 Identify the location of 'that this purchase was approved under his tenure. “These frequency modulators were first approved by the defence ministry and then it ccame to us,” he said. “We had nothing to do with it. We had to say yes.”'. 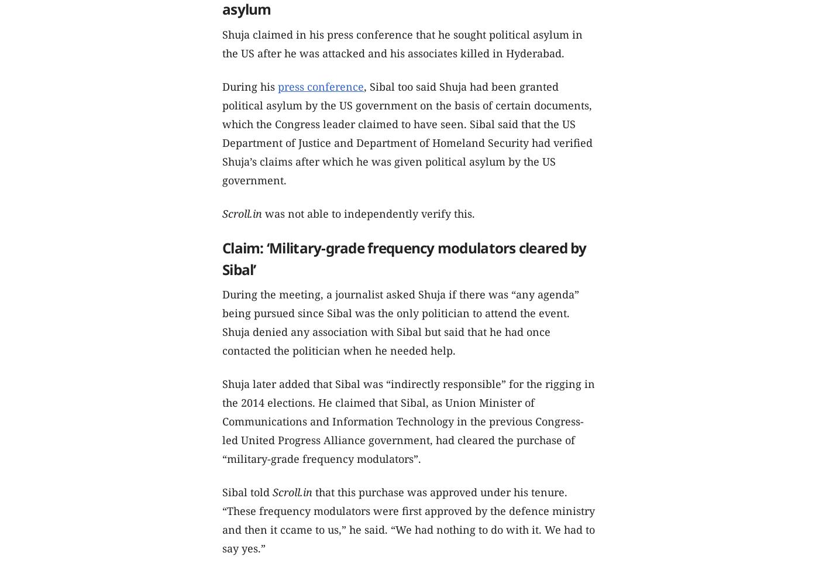
(408, 520).